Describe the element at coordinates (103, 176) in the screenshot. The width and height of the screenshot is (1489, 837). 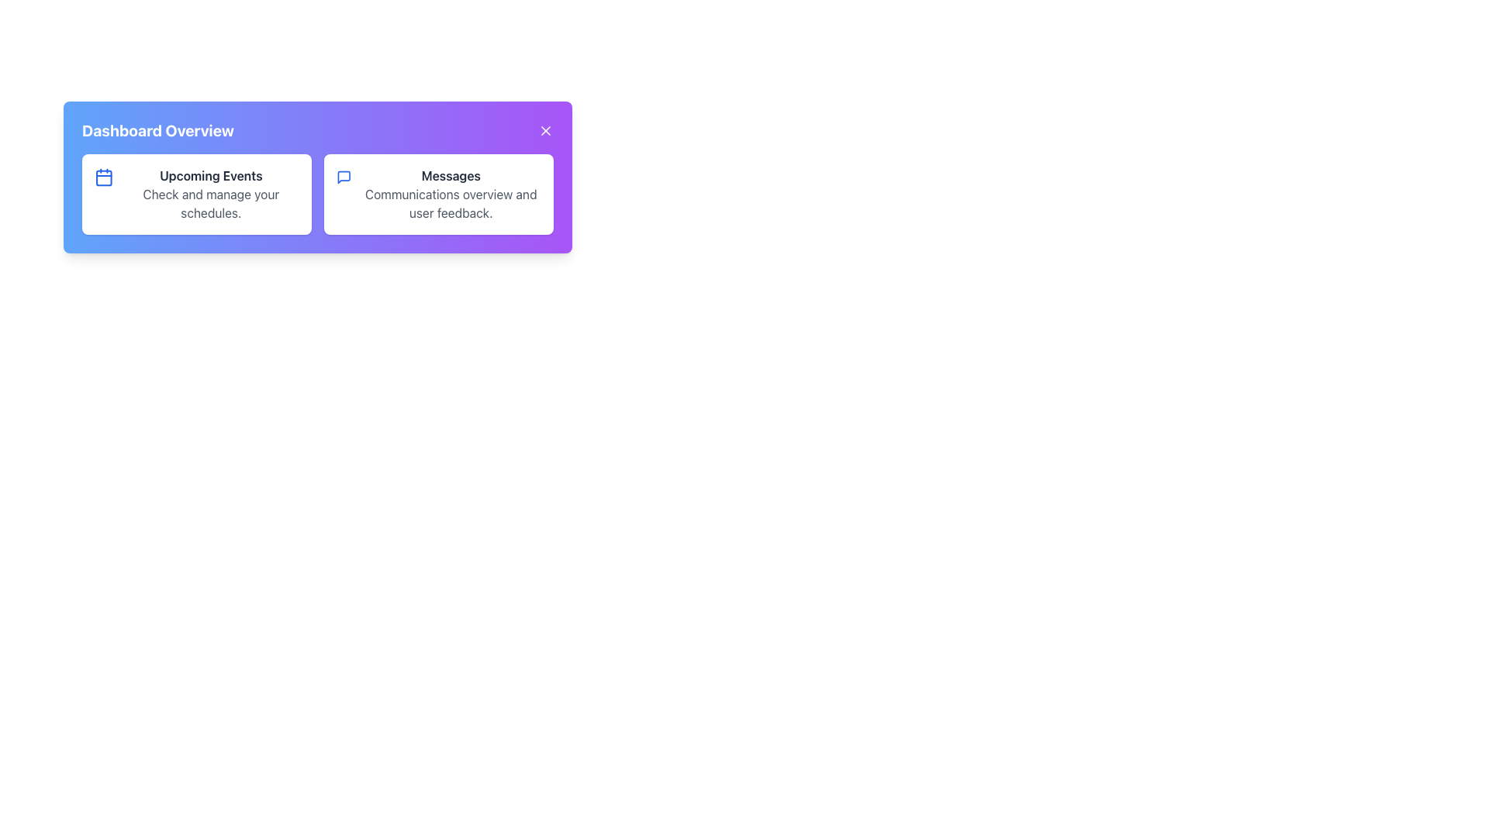
I see `the calendar icon with a blue outline located to the left of the 'Upcoming Events' text in the first content box` at that location.